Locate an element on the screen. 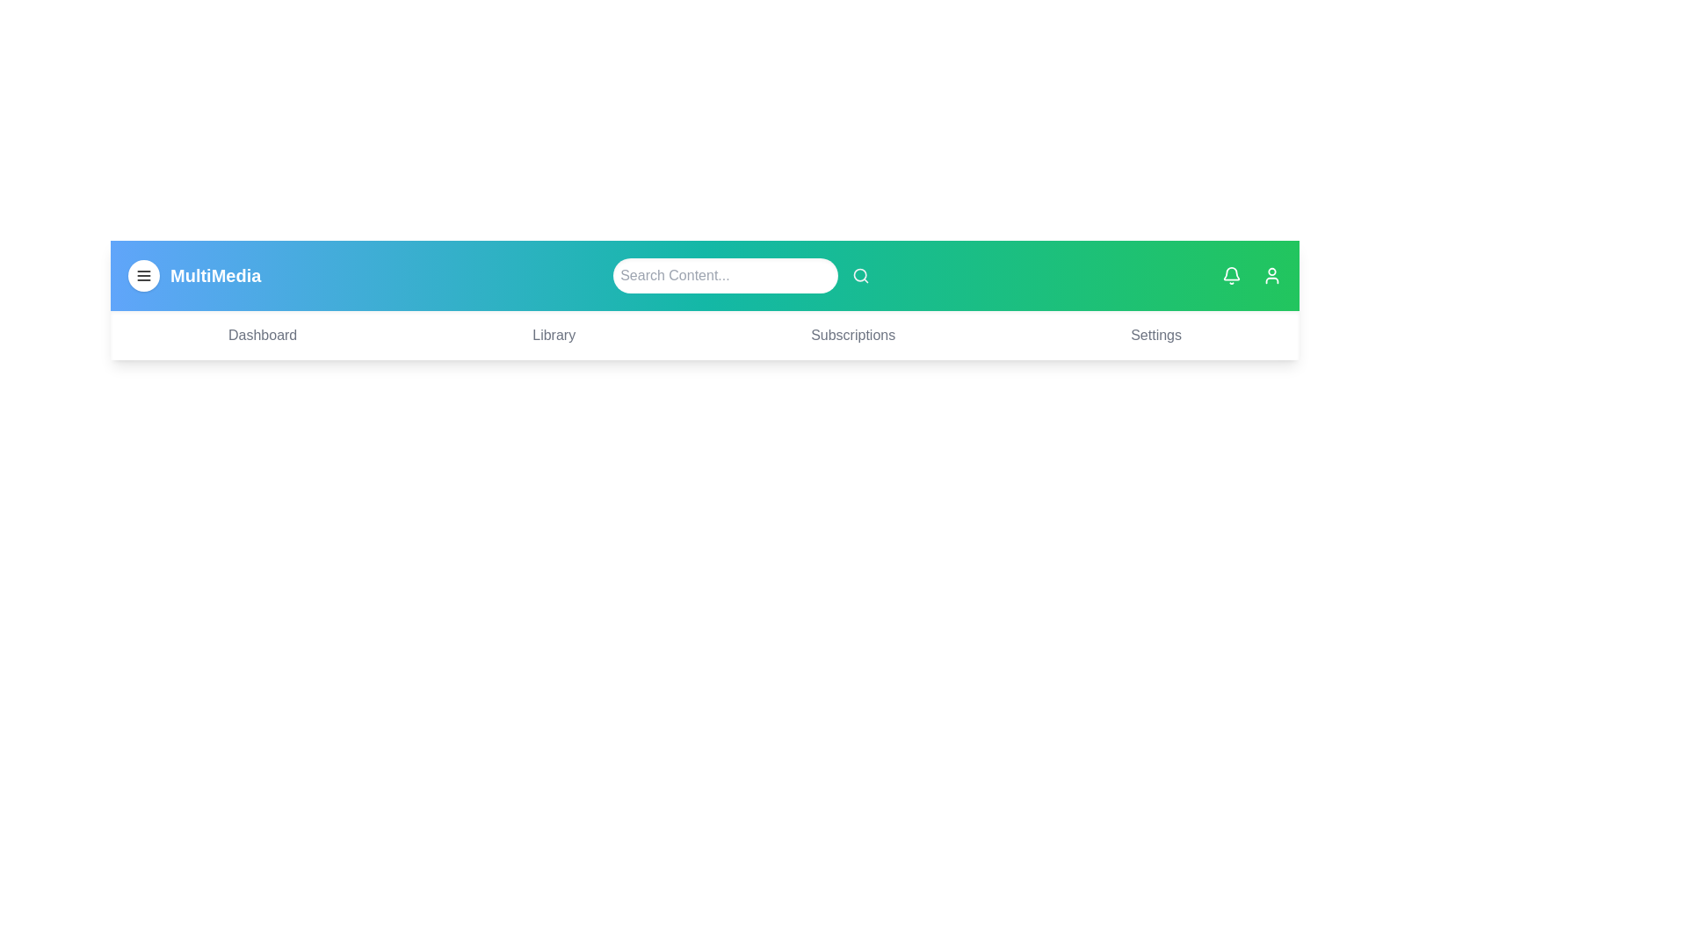 The height and width of the screenshot is (949, 1687). the search icon to initiate a search is located at coordinates (860, 275).